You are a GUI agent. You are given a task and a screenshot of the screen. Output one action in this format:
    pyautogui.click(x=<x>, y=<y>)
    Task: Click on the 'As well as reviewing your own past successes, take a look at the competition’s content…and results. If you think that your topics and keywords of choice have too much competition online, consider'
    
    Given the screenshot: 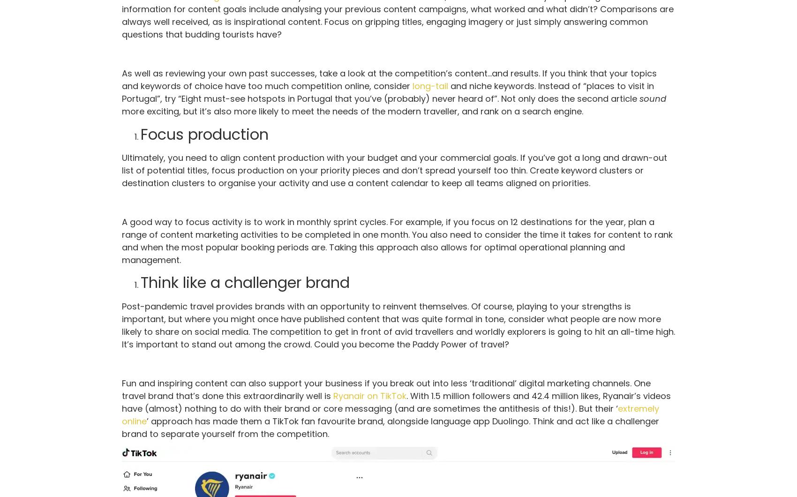 What is the action you would take?
    pyautogui.click(x=389, y=79)
    